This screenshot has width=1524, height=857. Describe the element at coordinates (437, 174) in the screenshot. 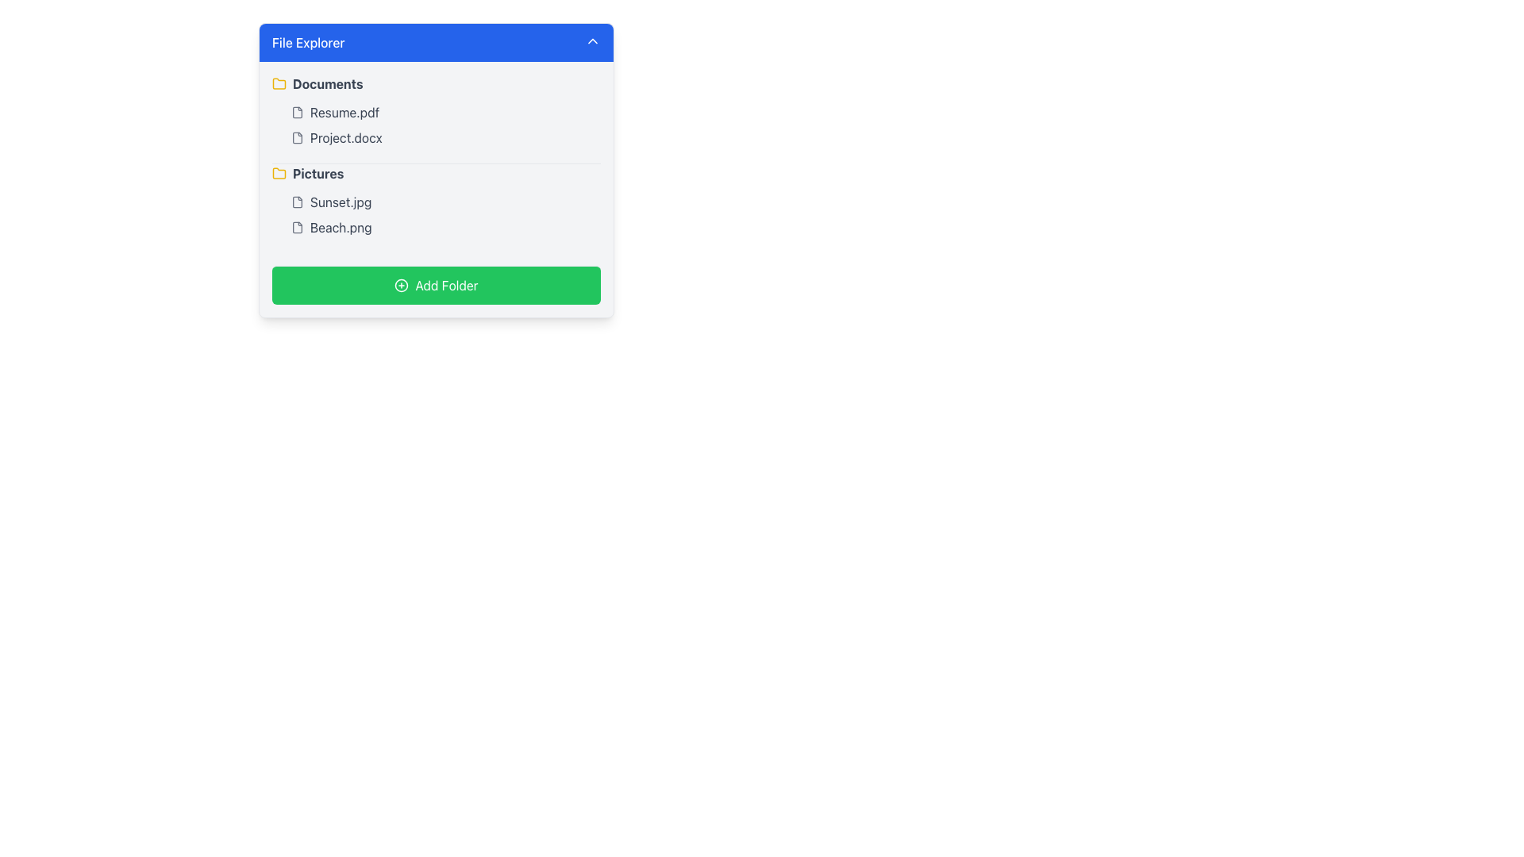

I see `the Folder List Item Indicator representing the folder named 'Pictures', which is the second item under 'Documents'` at that location.